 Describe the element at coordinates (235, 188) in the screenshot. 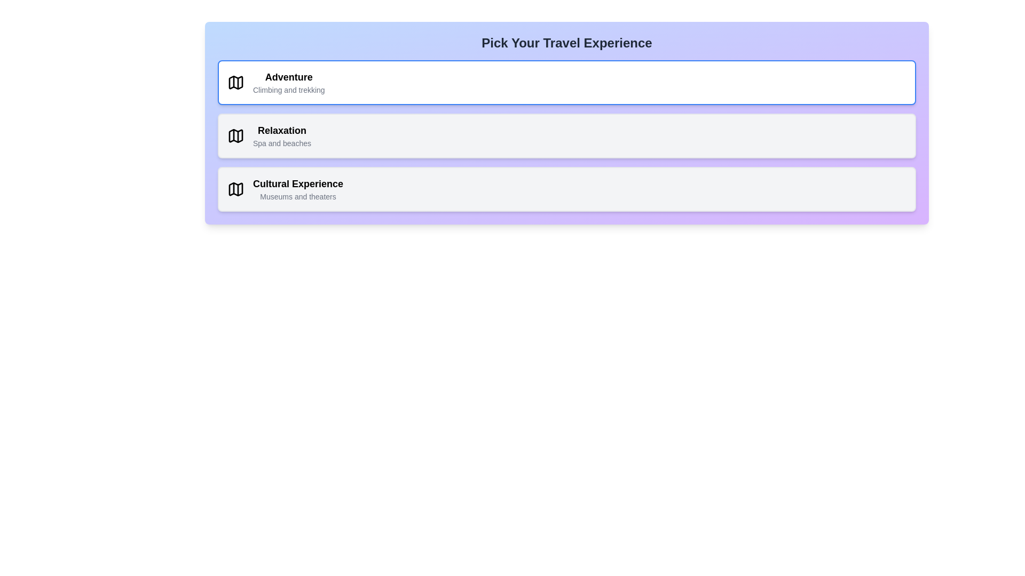

I see `black folded map icon located to the left of the 'Cultural Experience' text within the third card from the top` at that location.